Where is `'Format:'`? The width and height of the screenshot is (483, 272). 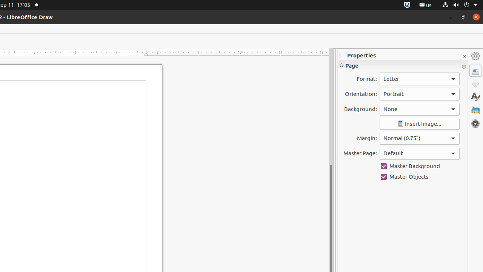 'Format:' is located at coordinates (419, 79).